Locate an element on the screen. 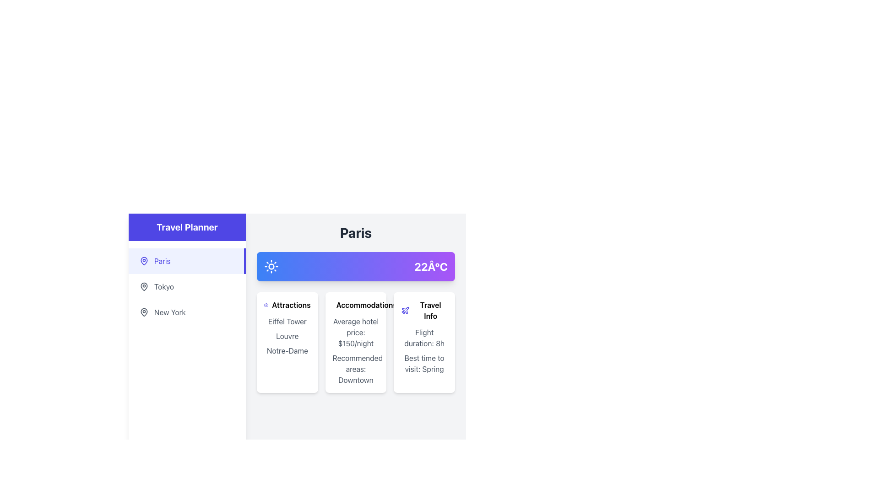 The width and height of the screenshot is (879, 494). the 'Tokyo' icon located in the left sidebar is located at coordinates (144, 285).